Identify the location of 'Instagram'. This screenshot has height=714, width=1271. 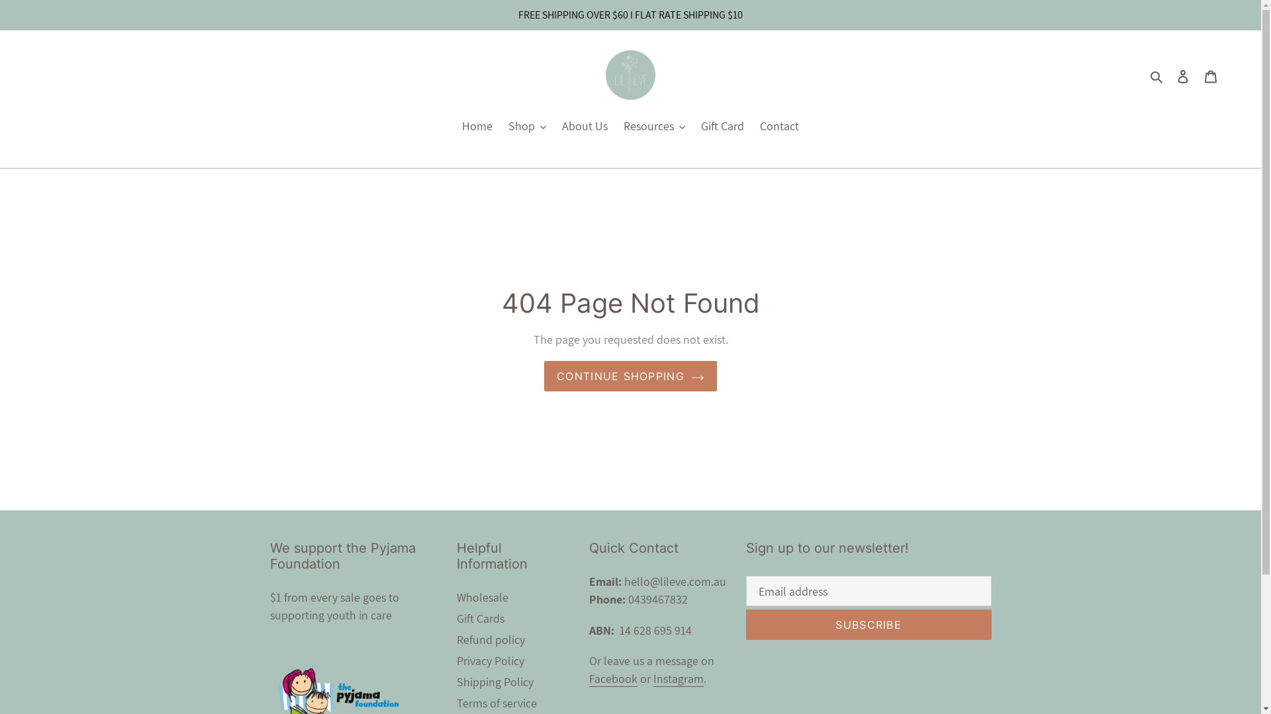
(679, 678).